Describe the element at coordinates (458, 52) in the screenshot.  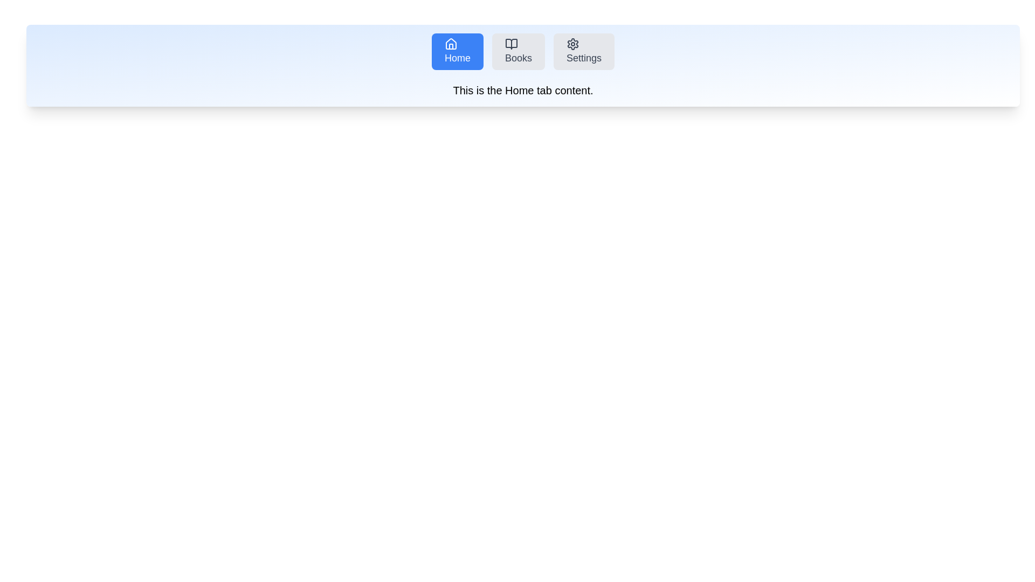
I see `the Home tab to switch to it` at that location.